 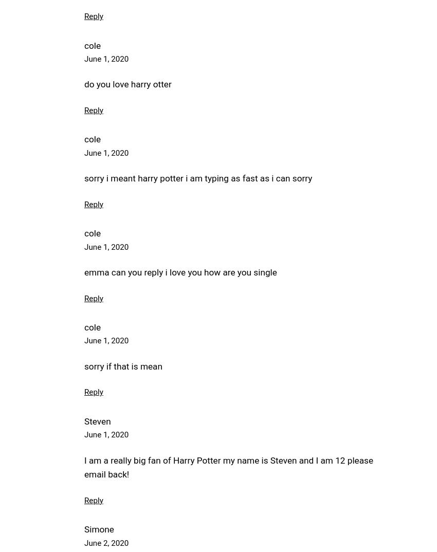 I want to click on 'June 2, 2020', so click(x=84, y=542).